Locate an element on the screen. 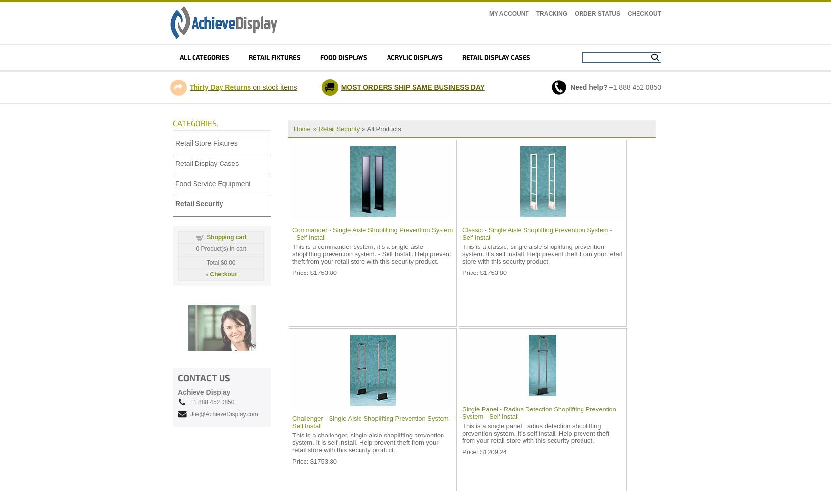 The width and height of the screenshot is (831, 491). 'Retail Display Cases' is located at coordinates (175, 163).